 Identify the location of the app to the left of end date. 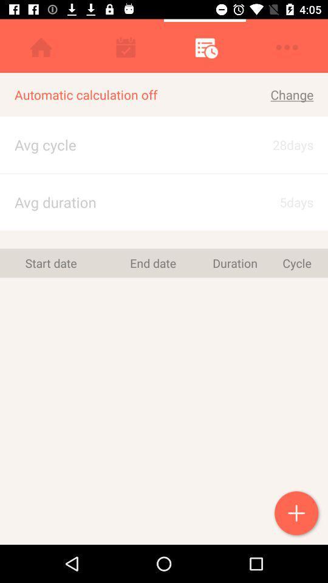
(50, 263).